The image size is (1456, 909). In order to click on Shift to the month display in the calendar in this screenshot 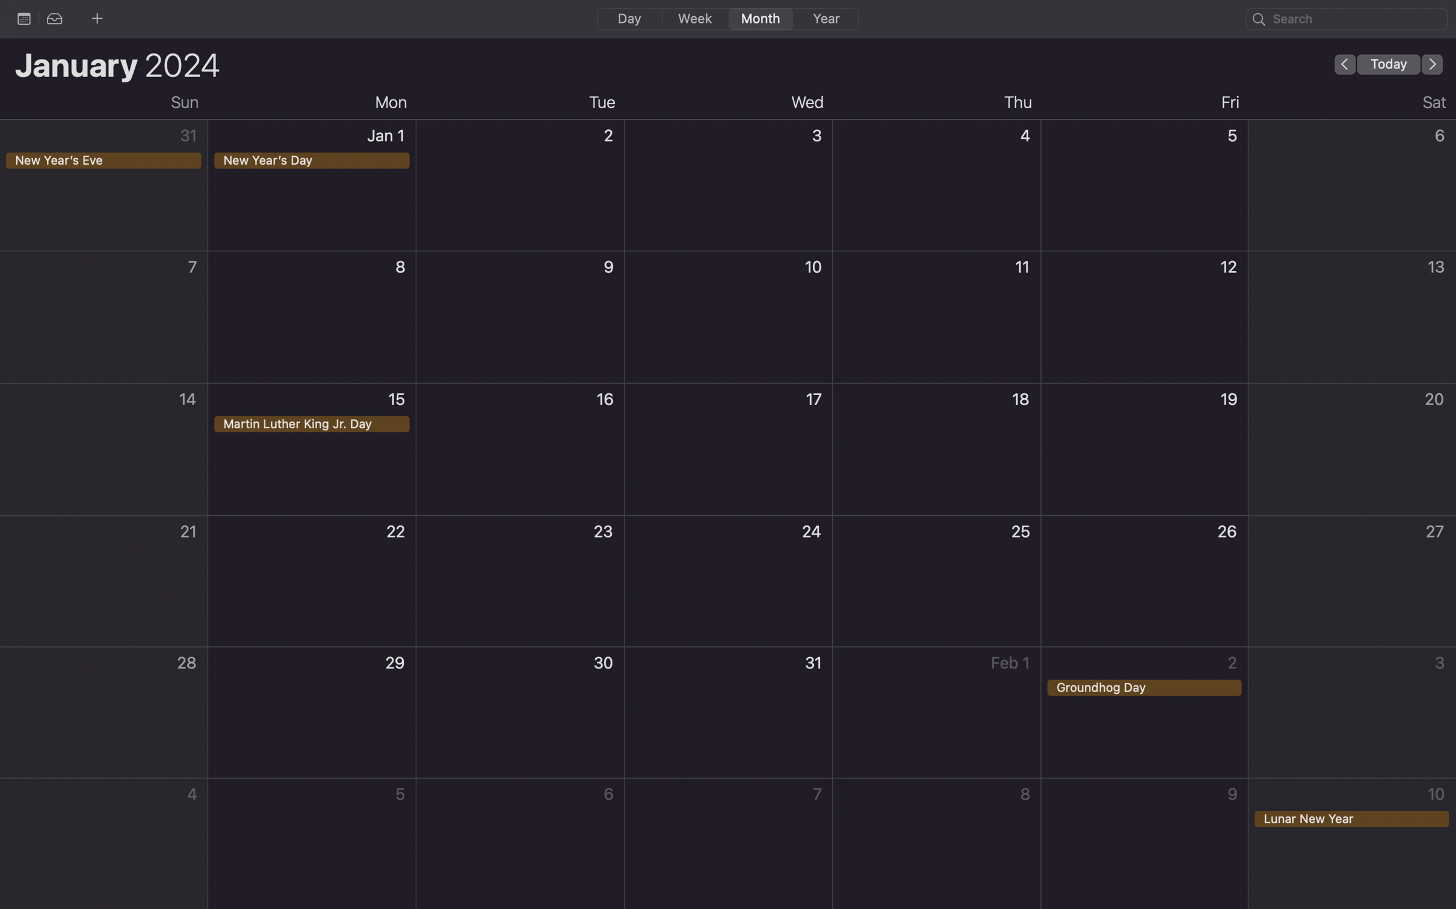, I will do `click(758, 18)`.